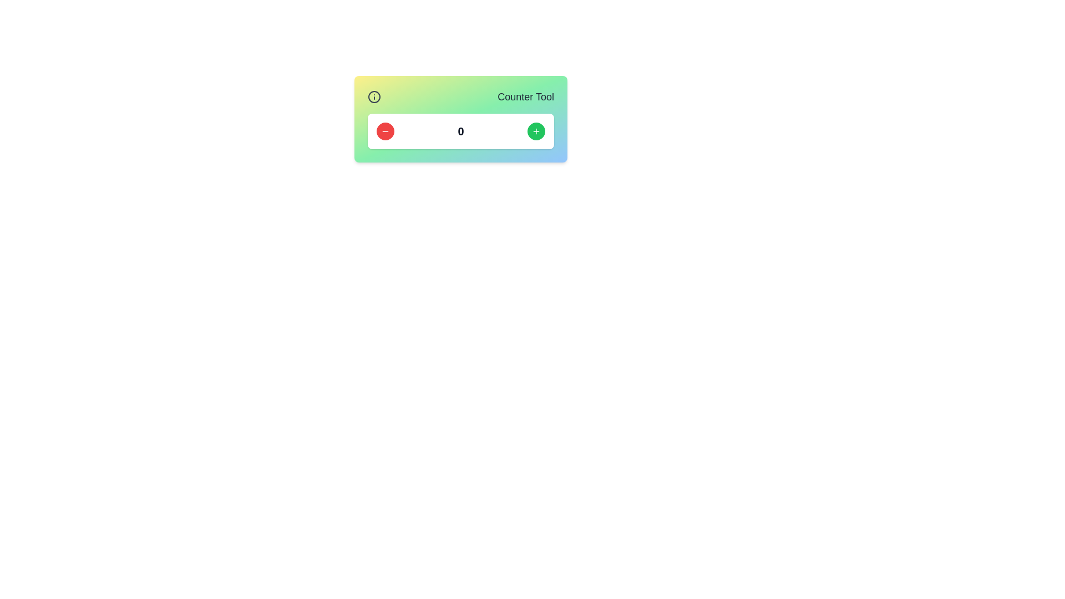 The image size is (1065, 599). What do you see at coordinates (386, 130) in the screenshot?
I see `the circular red button with a white minus sign to change its background color` at bounding box center [386, 130].